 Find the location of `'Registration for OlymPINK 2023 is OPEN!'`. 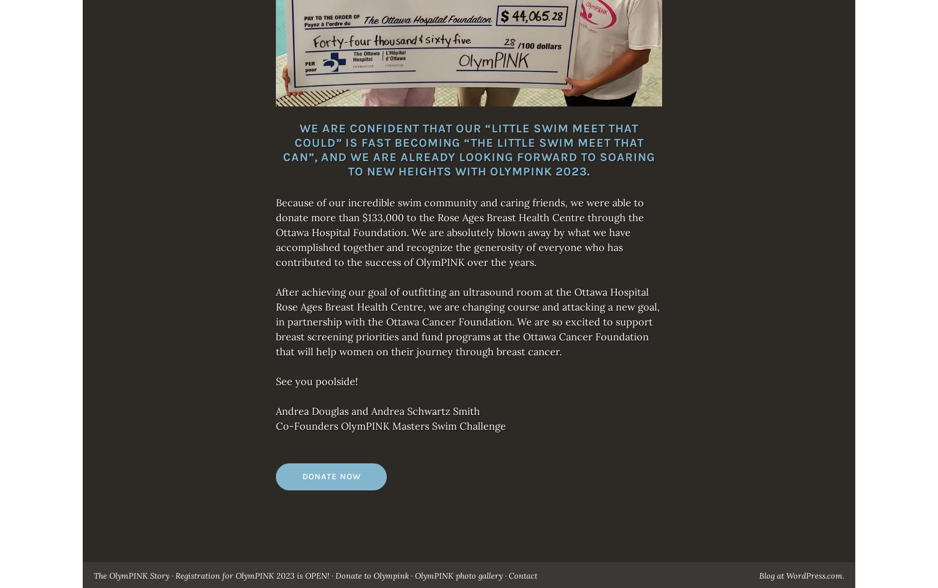

'Registration for OlymPINK 2023 is OPEN!' is located at coordinates (252, 576).